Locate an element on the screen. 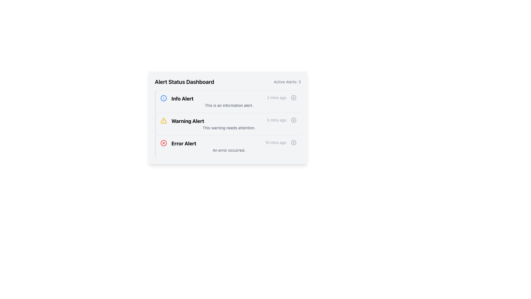 The height and width of the screenshot is (299, 531). the circular red stroke close icon located in the third row of the alert list, adjacent to the timestamp of the 'Error Alert' entry is located at coordinates (163, 143).